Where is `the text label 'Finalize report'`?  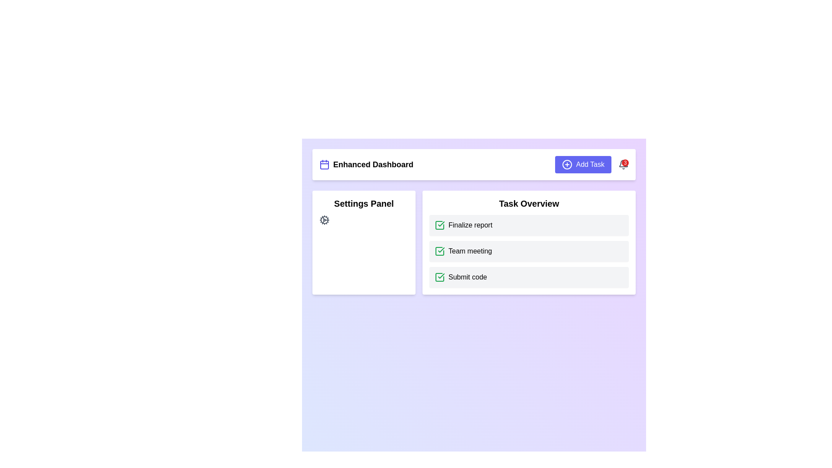
the text label 'Finalize report' is located at coordinates (470, 225).